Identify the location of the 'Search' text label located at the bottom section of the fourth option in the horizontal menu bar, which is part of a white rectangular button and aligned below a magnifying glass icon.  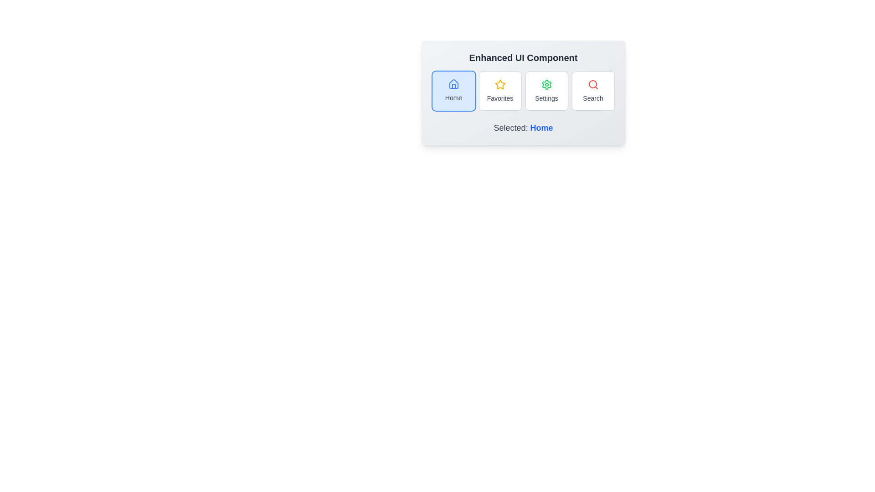
(593, 98).